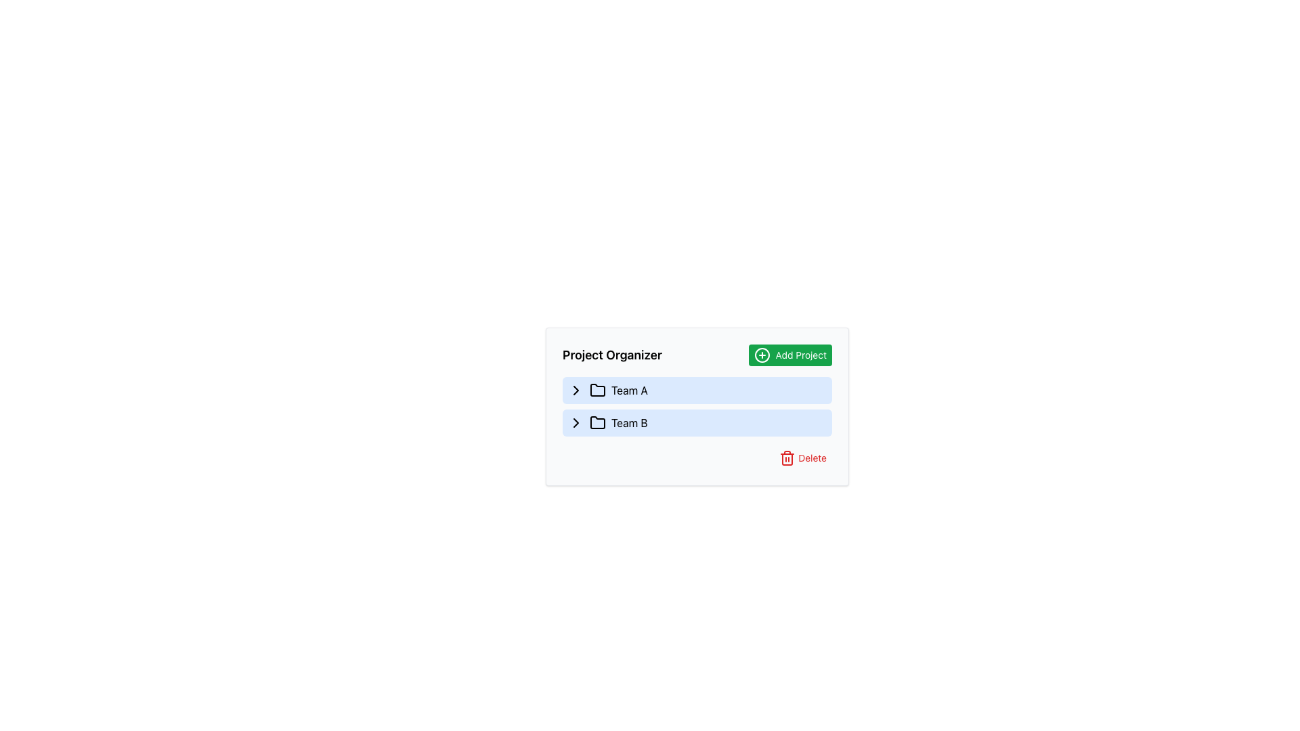 This screenshot has width=1300, height=731. What do you see at coordinates (576, 422) in the screenshot?
I see `the expandable/collapsible button for 'Team B'` at bounding box center [576, 422].